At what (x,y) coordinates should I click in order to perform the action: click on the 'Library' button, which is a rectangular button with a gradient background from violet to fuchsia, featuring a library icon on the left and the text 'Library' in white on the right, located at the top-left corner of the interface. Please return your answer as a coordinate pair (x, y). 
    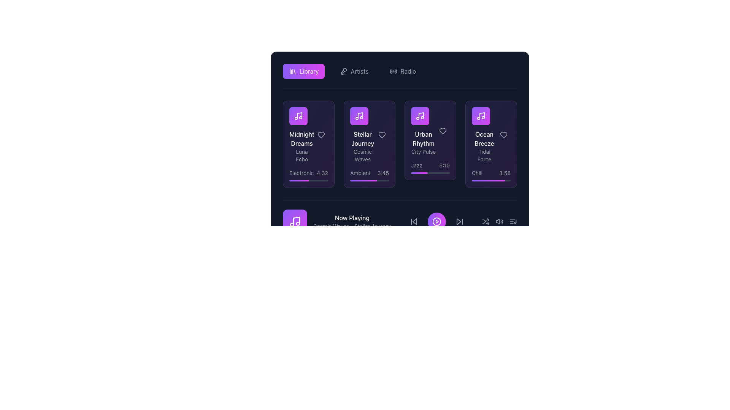
    Looking at the image, I should click on (303, 71).